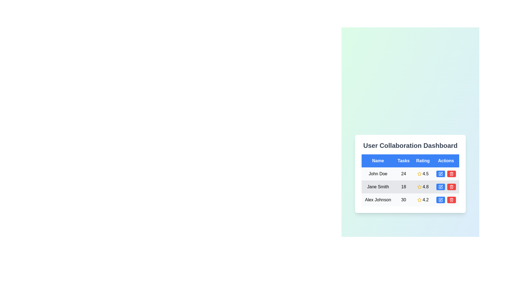 The width and height of the screenshot is (522, 293). Describe the element at coordinates (441, 186) in the screenshot. I see `the edit pen symbol icon in the Actions column of the second row, corresponding to 'Jane Smith'` at that location.